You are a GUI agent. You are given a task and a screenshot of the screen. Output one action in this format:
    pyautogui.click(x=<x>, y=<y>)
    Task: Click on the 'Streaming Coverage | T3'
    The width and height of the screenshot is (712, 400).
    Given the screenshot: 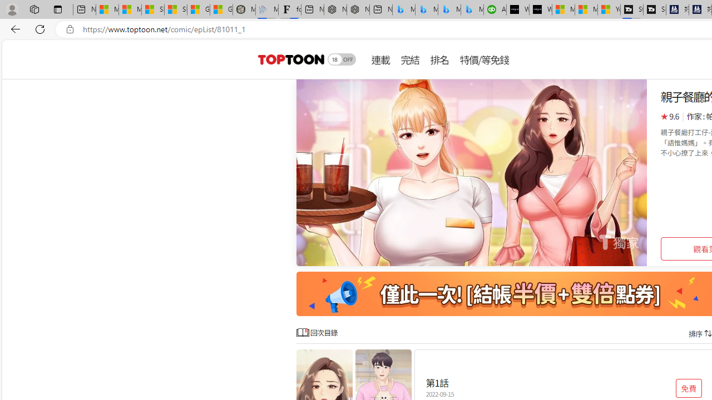 What is the action you would take?
    pyautogui.click(x=632, y=9)
    